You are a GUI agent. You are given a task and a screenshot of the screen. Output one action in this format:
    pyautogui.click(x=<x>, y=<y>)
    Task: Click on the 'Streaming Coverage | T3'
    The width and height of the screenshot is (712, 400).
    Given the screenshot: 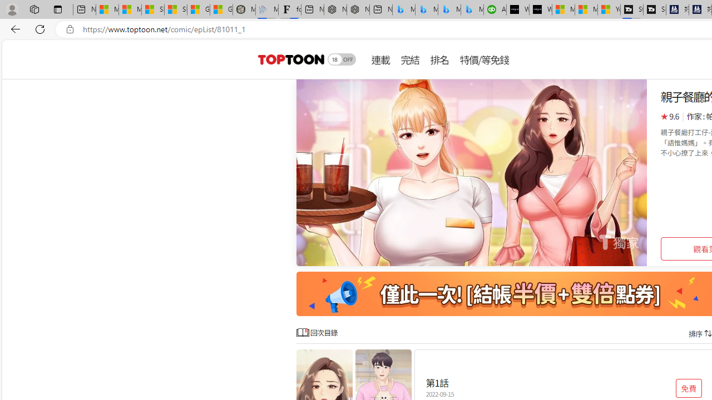 What is the action you would take?
    pyautogui.click(x=632, y=9)
    